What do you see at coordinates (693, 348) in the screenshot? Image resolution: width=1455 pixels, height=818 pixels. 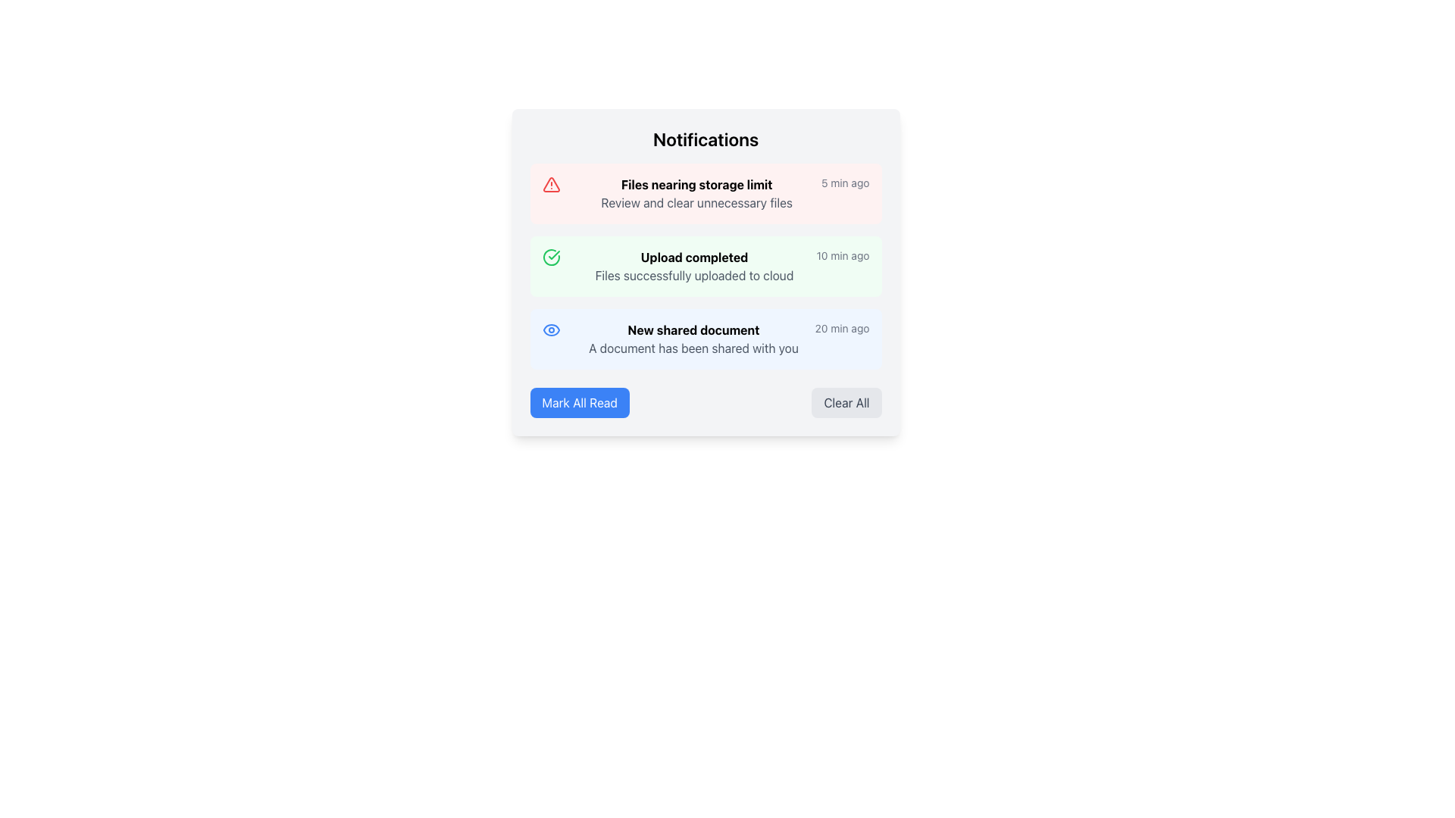 I see `the text element stating 'A document has been shared with you', which is styled in subdued gray and located beneath the bold title 'New shared document' in the third notification of a vertically-stacked list` at bounding box center [693, 348].